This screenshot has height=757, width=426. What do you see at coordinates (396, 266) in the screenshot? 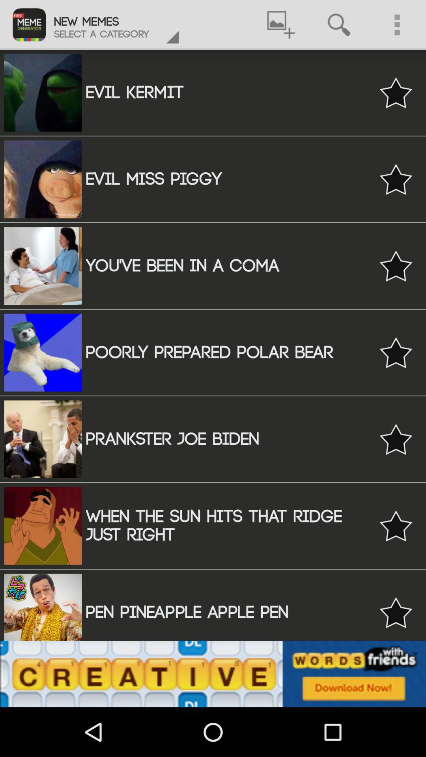
I see `to favorite` at bounding box center [396, 266].